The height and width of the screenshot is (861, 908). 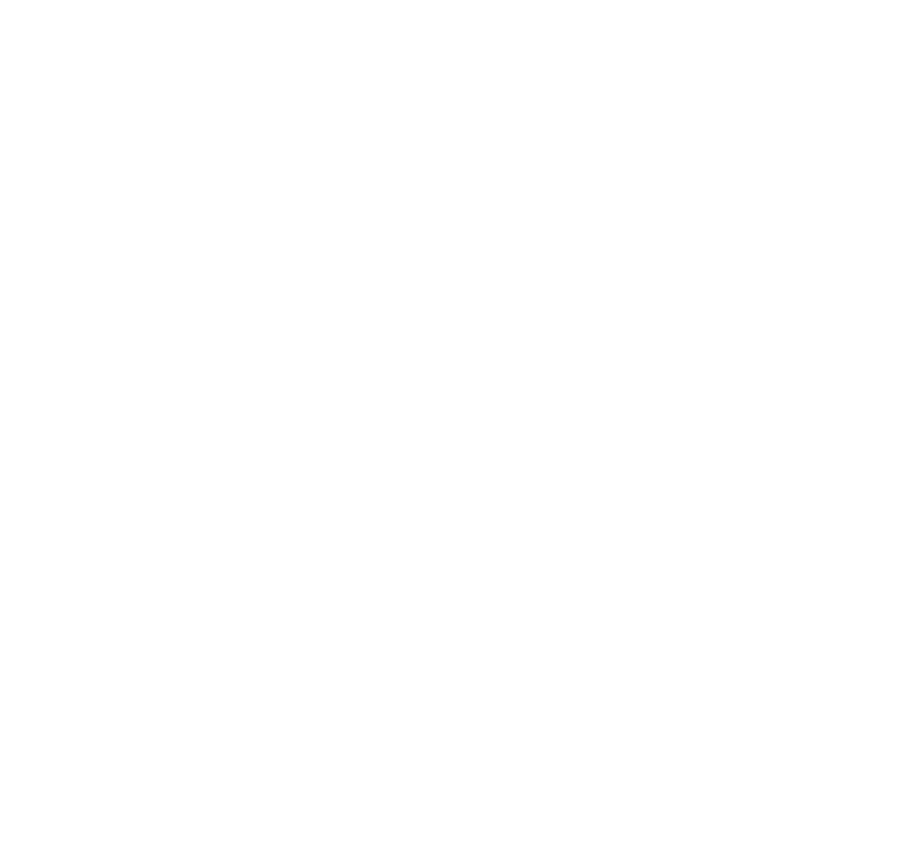 I want to click on 'Another trend that the future may hold for Mexican cuisine in the US is insects. “Bug season” is a popular foodie occasion in Mexico, and high-end restaurants there are increasingly featuring insects on their menus, Maya Kroth wrote in a recent story for', so click(x=300, y=745).